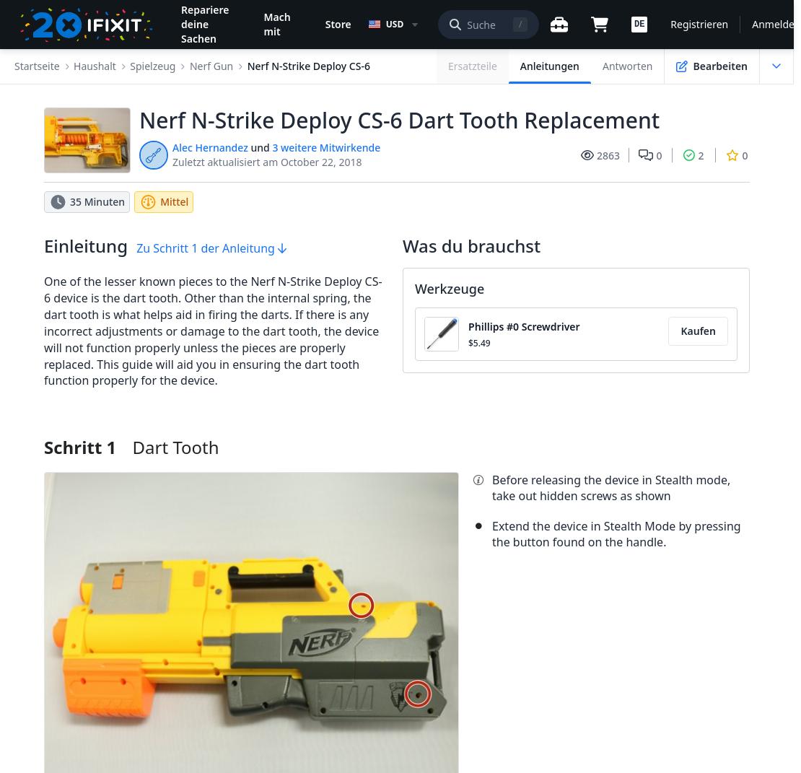 The width and height of the screenshot is (801, 773). I want to click on 'Extend the device in Stealth Mode by pressing the button found on the handle.', so click(491, 533).